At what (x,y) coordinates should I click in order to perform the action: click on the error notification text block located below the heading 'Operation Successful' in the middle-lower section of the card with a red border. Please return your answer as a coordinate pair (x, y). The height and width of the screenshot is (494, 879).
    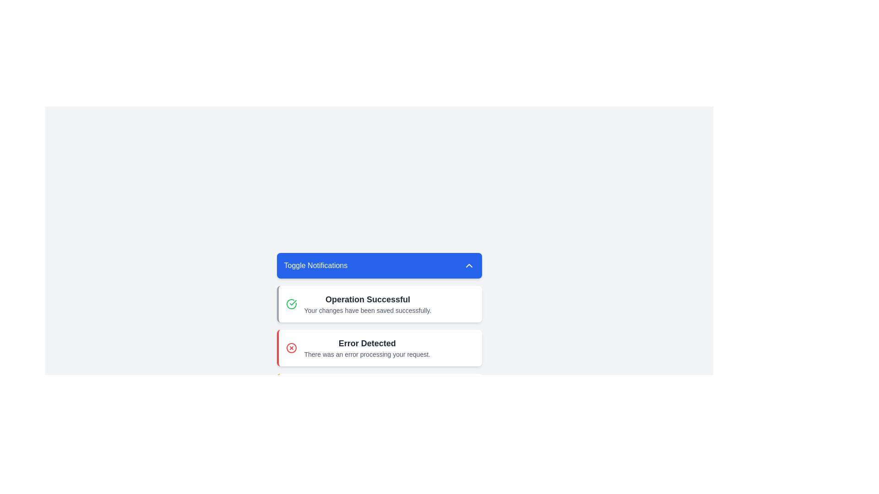
    Looking at the image, I should click on (367, 348).